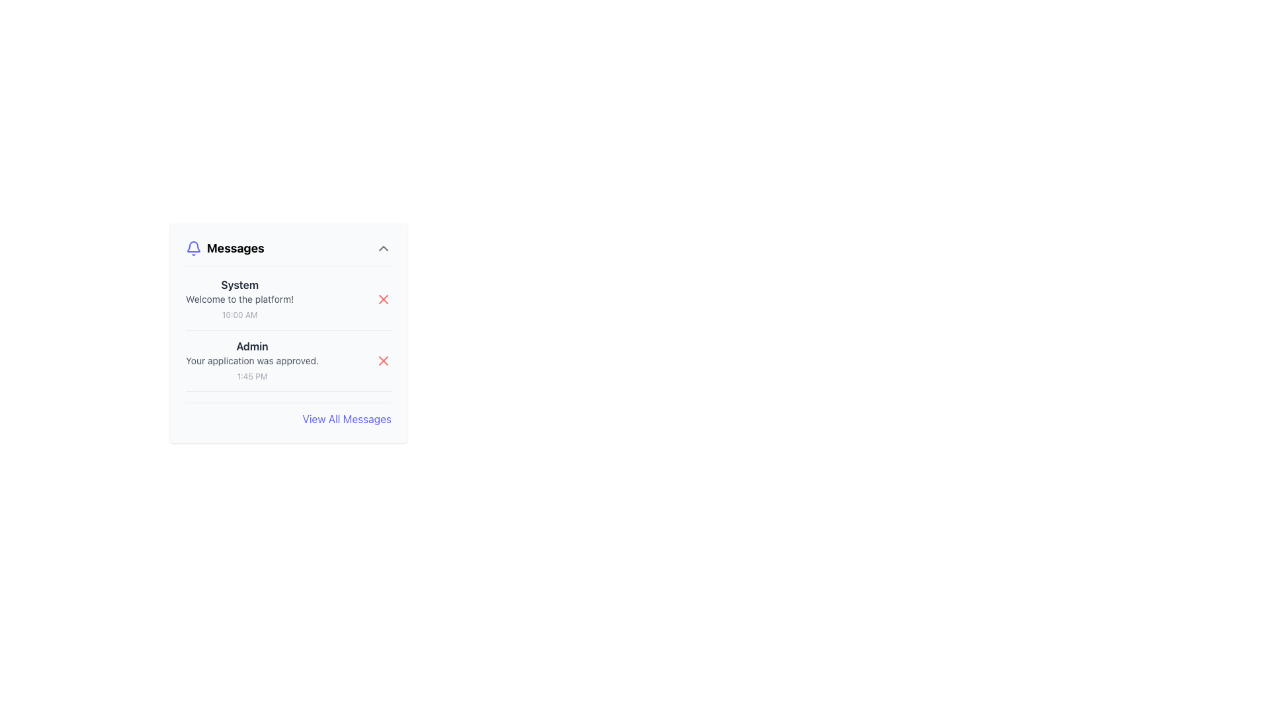 The width and height of the screenshot is (1270, 714). Describe the element at coordinates (383, 299) in the screenshot. I see `the circular red 'X' button` at that location.